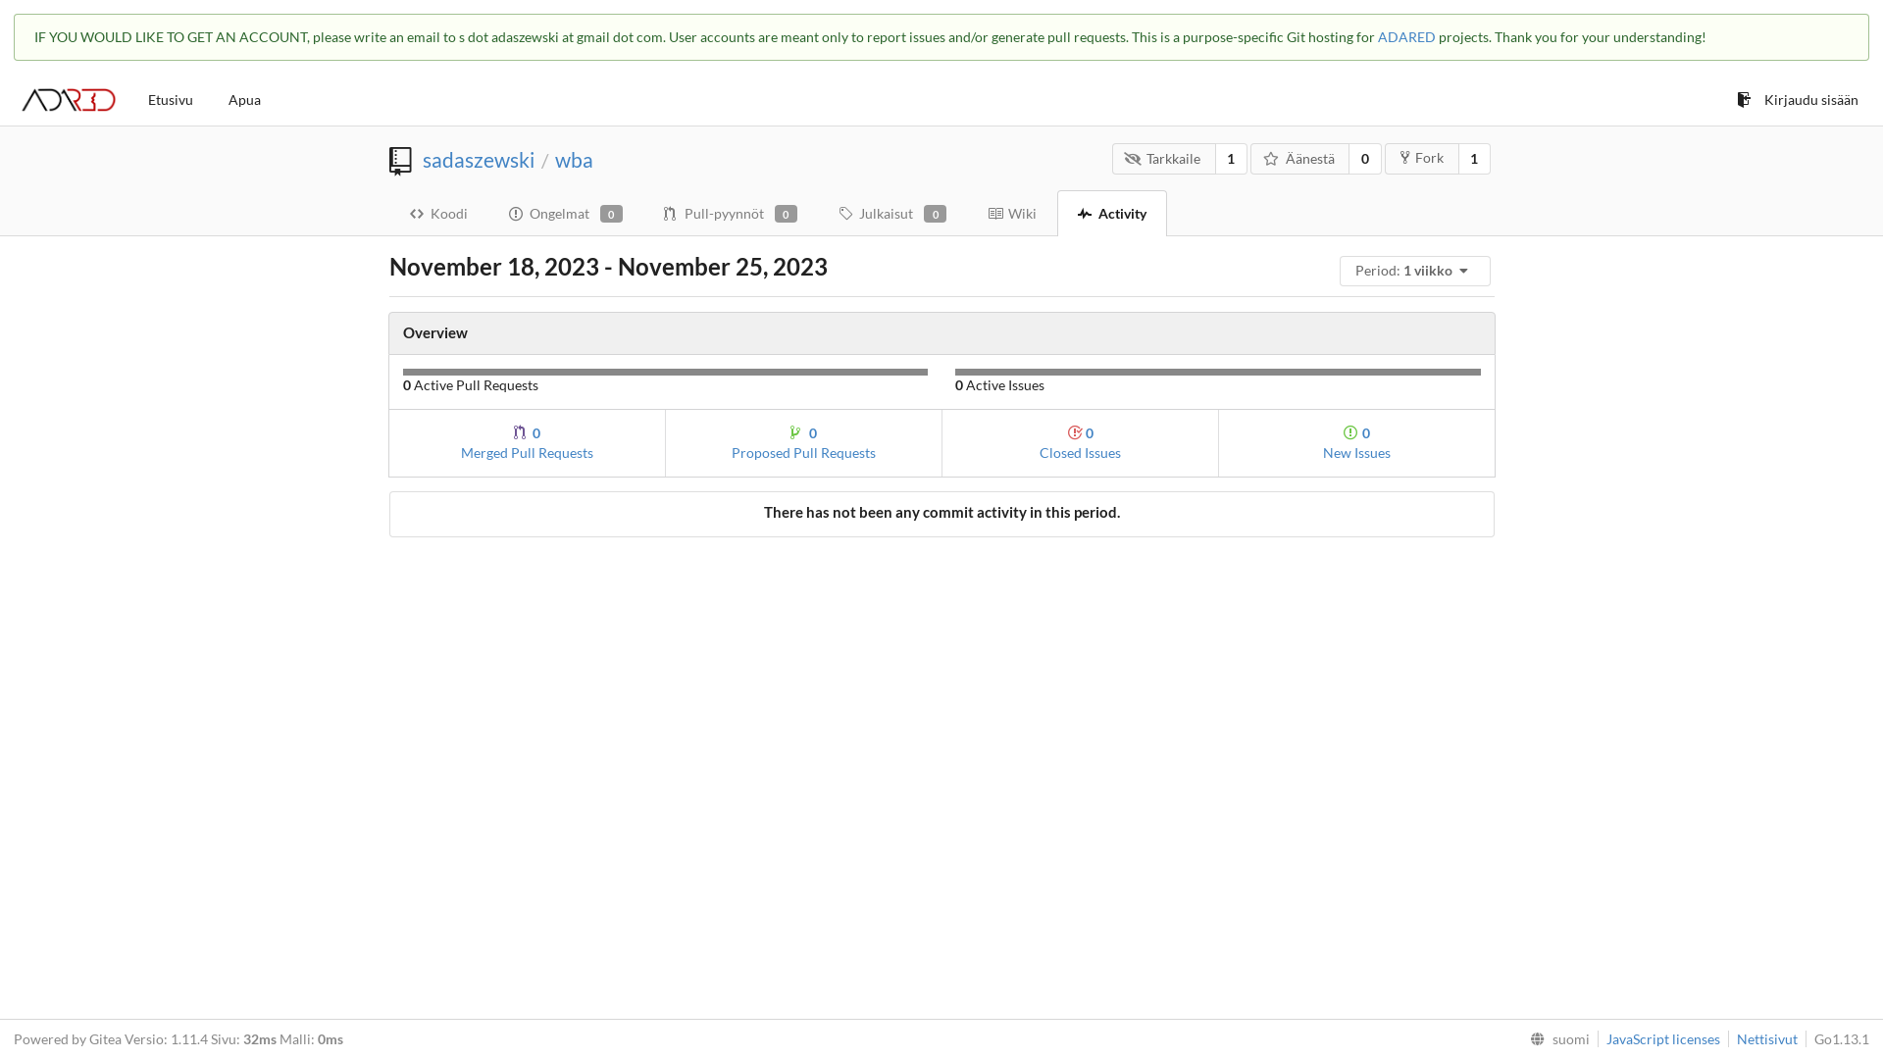 This screenshot has width=1883, height=1059. I want to click on 'Nettisivut', so click(1727, 1037).